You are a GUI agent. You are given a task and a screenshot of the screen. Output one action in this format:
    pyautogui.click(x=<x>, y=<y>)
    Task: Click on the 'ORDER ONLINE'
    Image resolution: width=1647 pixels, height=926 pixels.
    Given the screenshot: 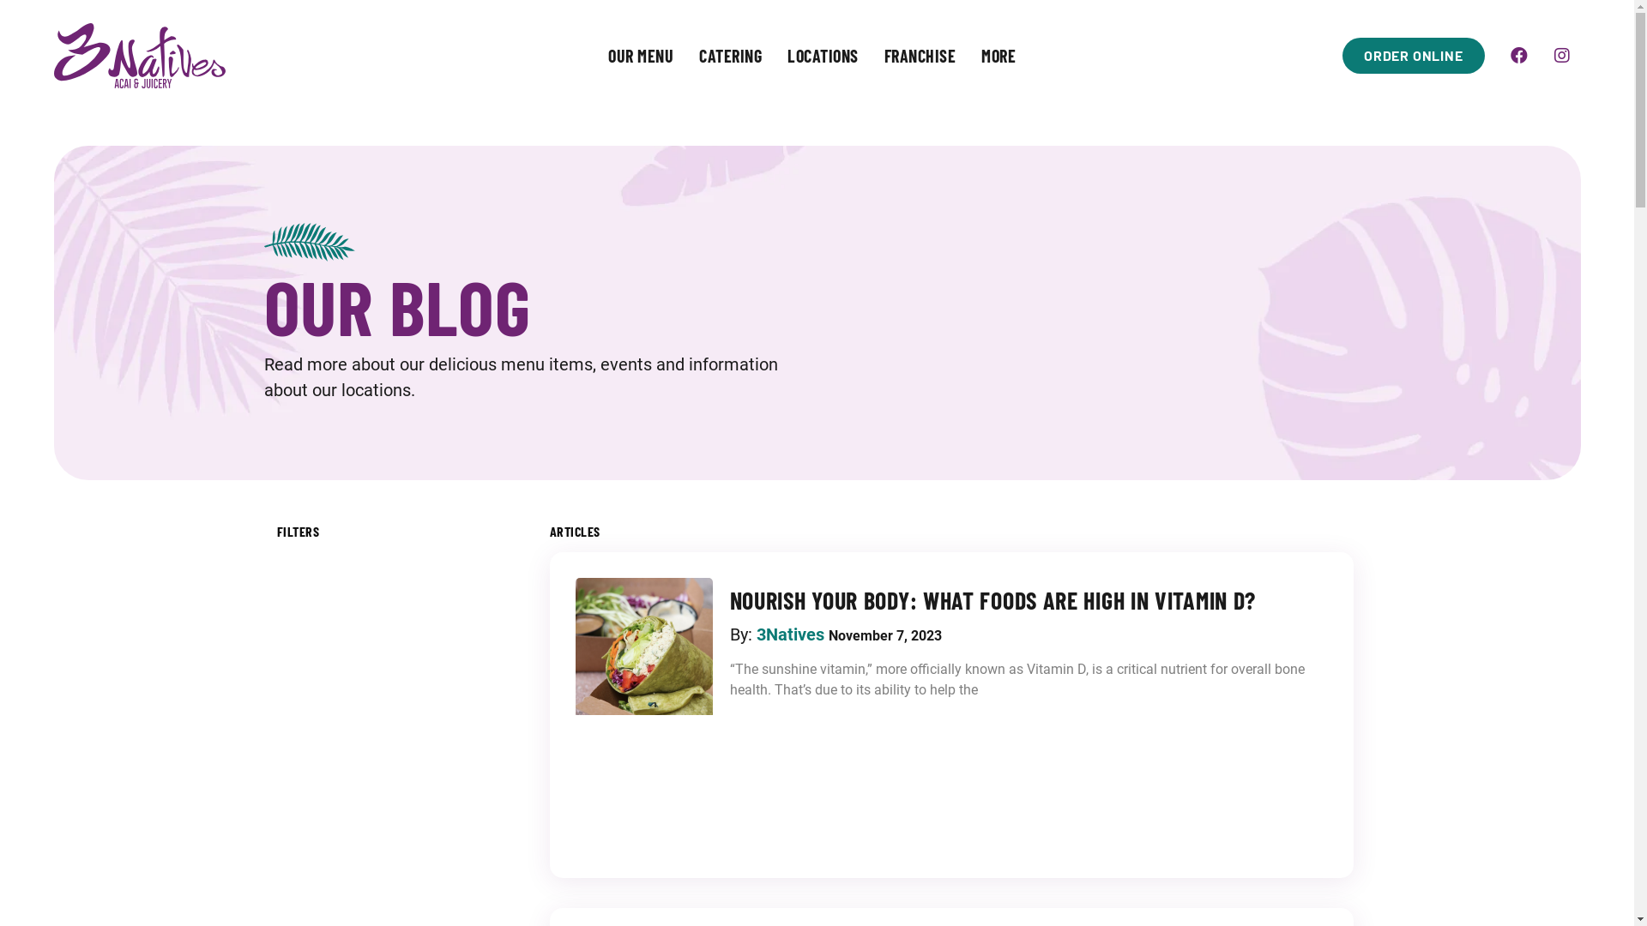 What is the action you would take?
    pyautogui.click(x=1413, y=55)
    